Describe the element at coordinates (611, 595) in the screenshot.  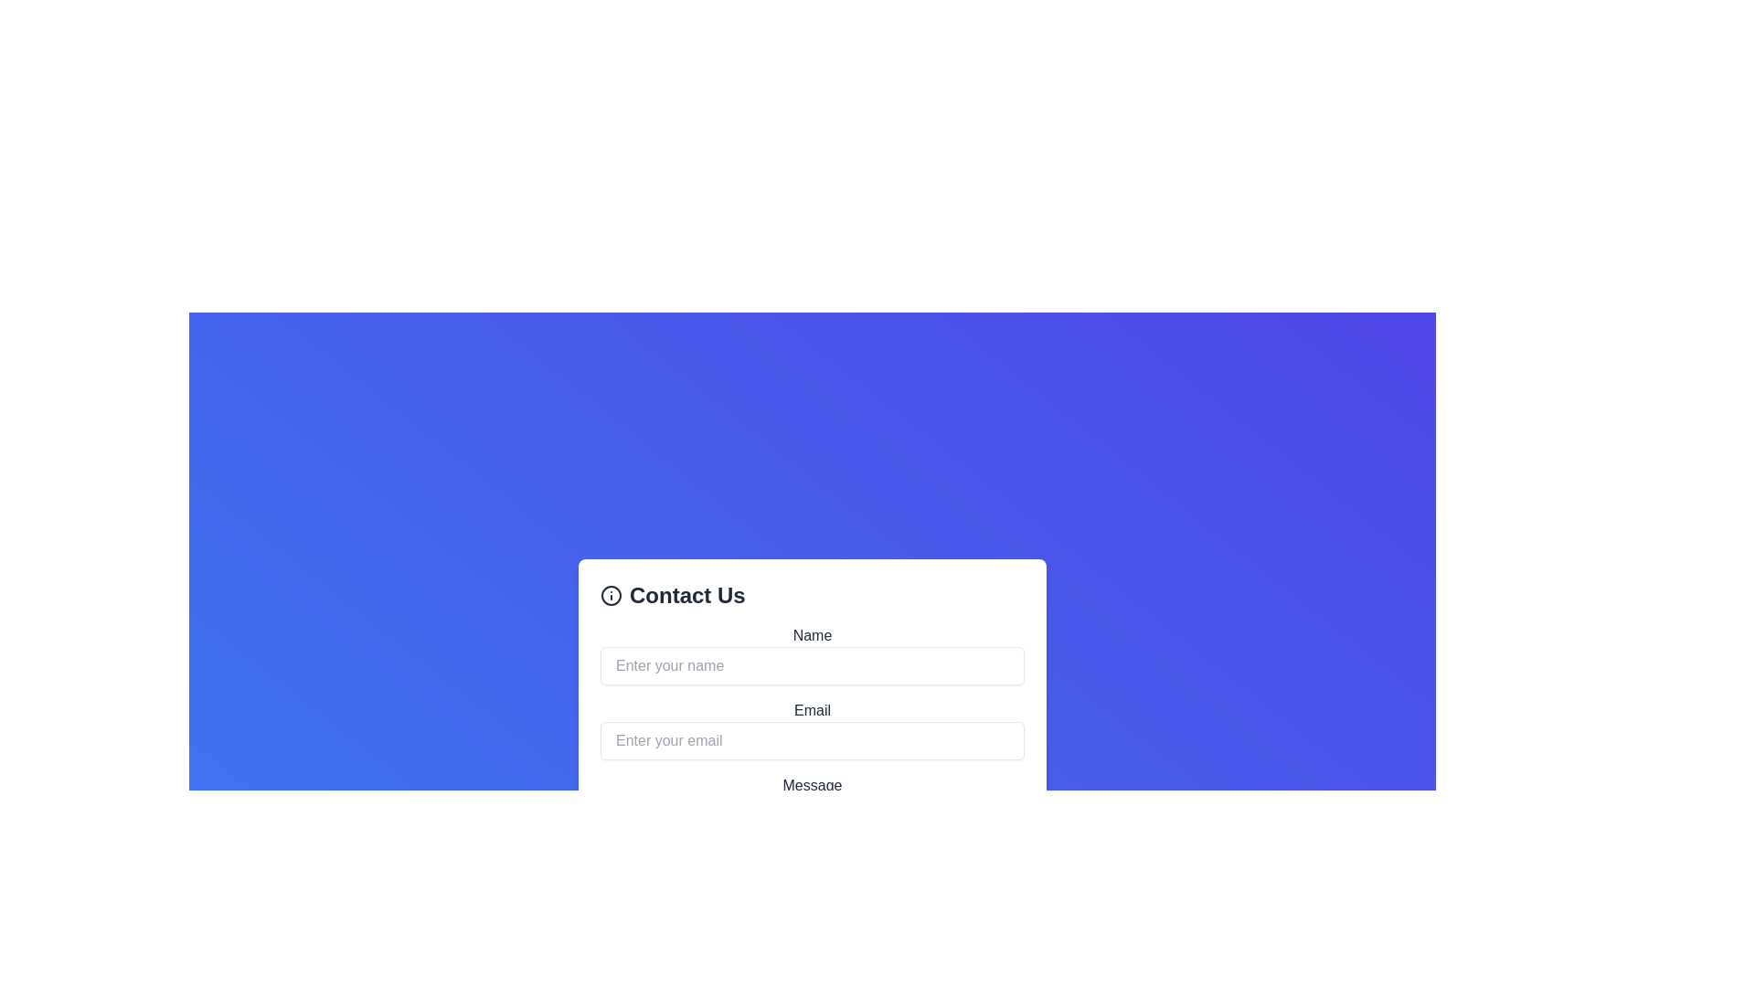
I see `the decorative icon located to the left of the 'Contact Us' text` at that location.